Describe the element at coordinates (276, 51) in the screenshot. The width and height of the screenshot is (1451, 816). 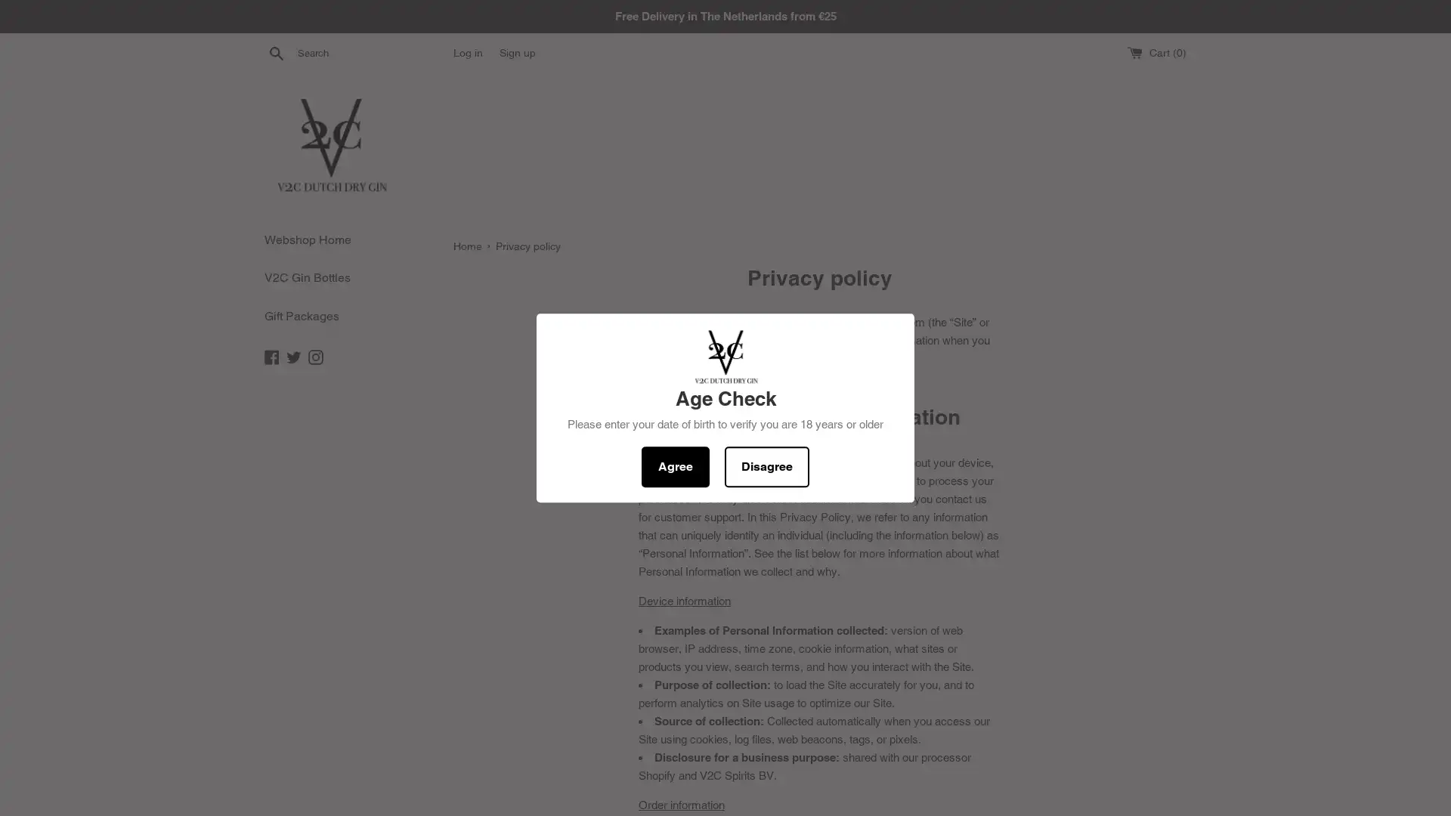
I see `Search` at that location.